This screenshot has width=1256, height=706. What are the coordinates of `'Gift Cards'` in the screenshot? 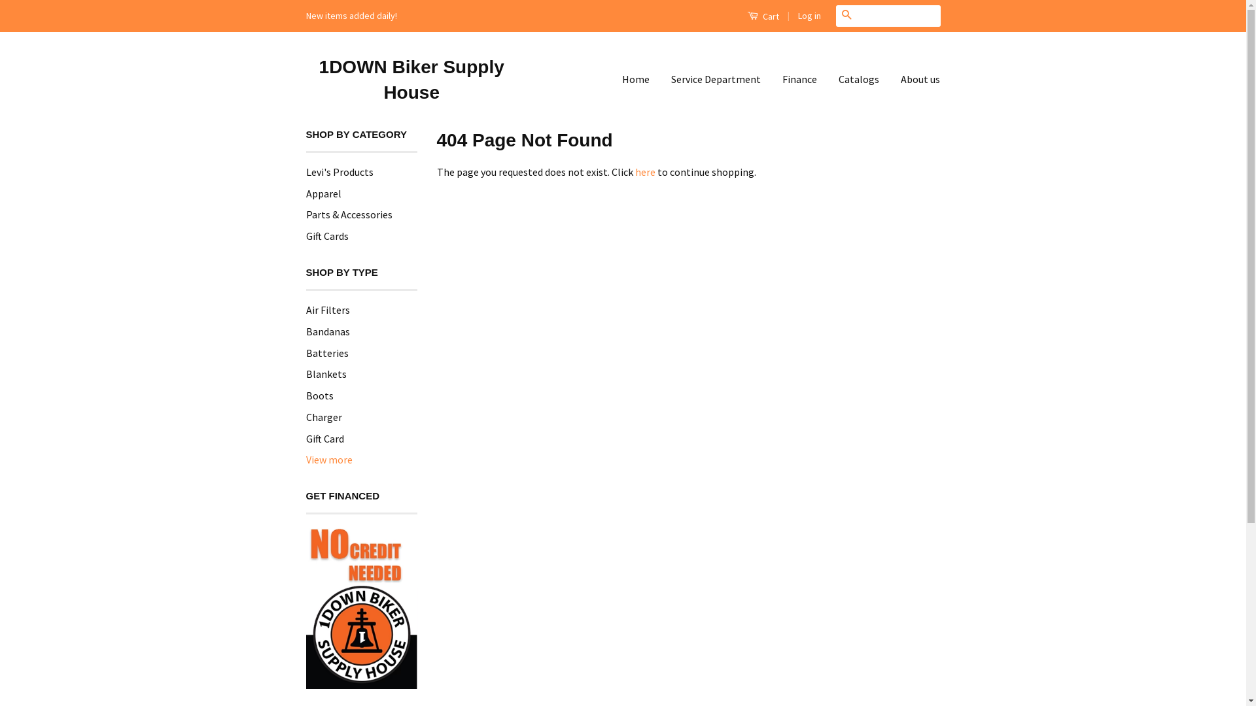 It's located at (327, 236).